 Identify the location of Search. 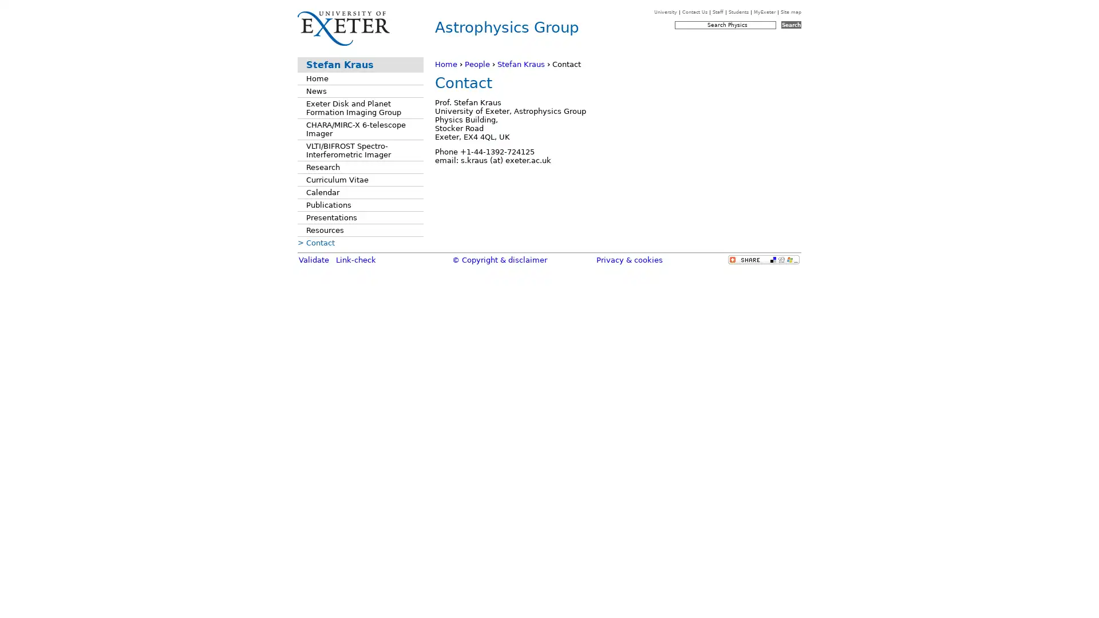
(790, 25).